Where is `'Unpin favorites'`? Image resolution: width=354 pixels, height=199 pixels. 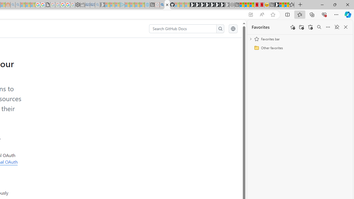
'Unpin favorites' is located at coordinates (336, 27).